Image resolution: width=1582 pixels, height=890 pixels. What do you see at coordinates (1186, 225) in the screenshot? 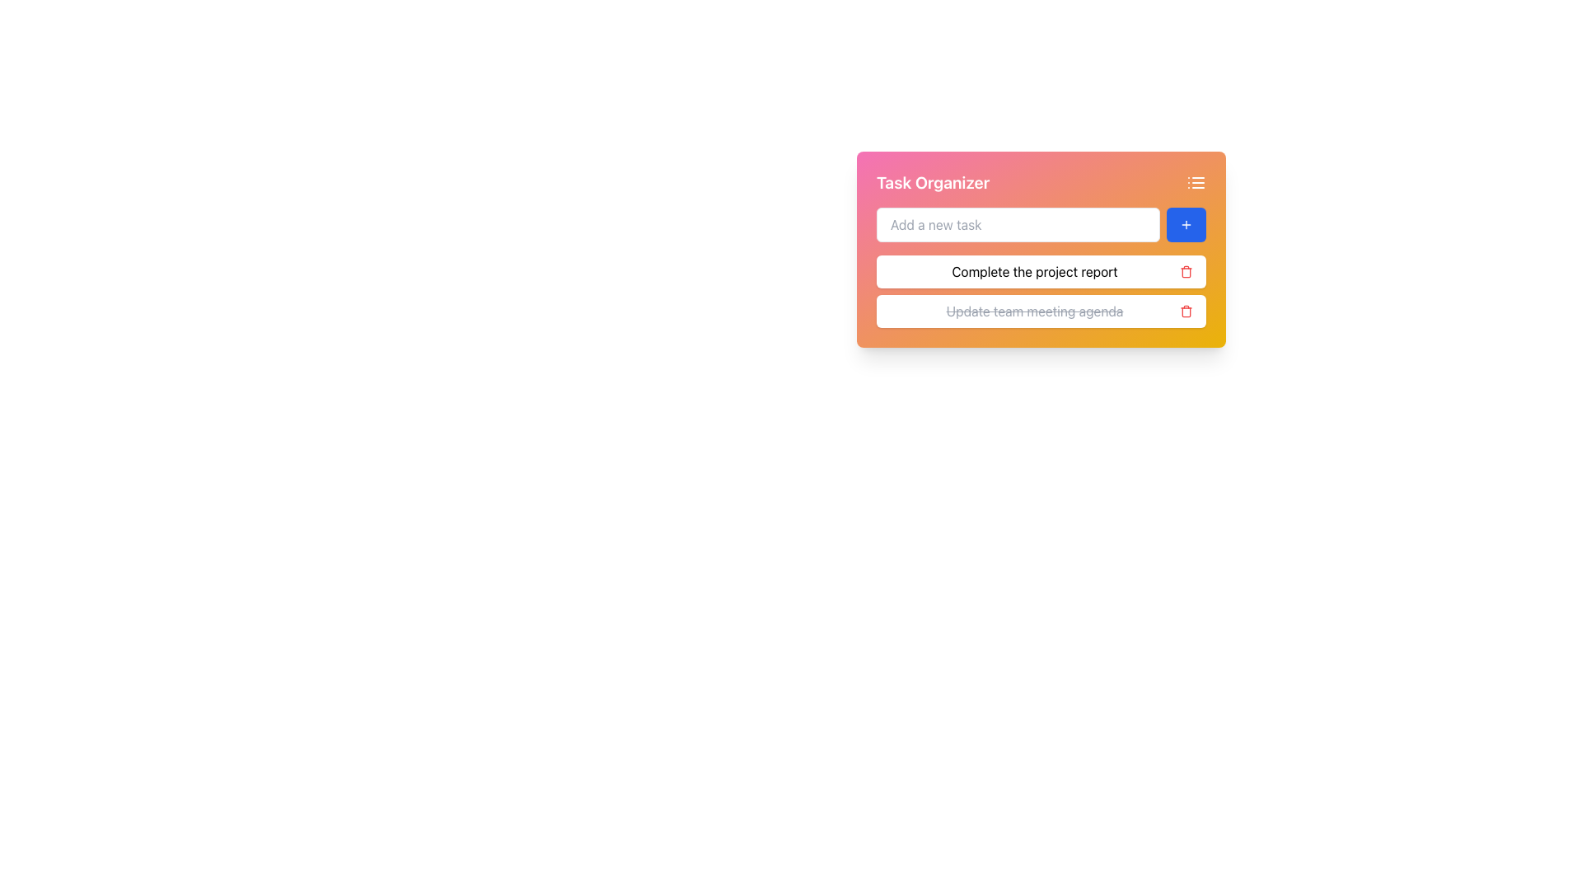
I see `the blue button with a white plus icon in the top-right corner of the task input area` at bounding box center [1186, 225].